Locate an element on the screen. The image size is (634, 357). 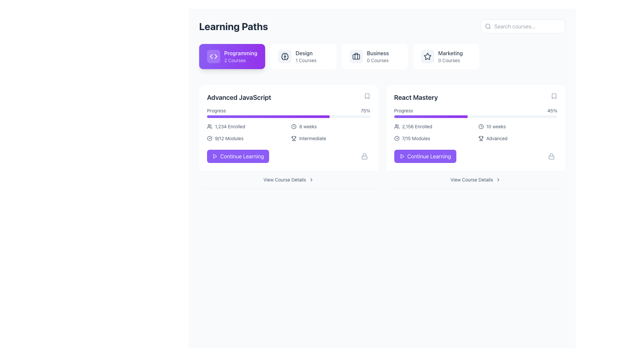
the icon representing the intermediate level in the 'Advanced JavaScript' section, which is located to the left of the 'Intermediate' text label is located at coordinates (294, 138).